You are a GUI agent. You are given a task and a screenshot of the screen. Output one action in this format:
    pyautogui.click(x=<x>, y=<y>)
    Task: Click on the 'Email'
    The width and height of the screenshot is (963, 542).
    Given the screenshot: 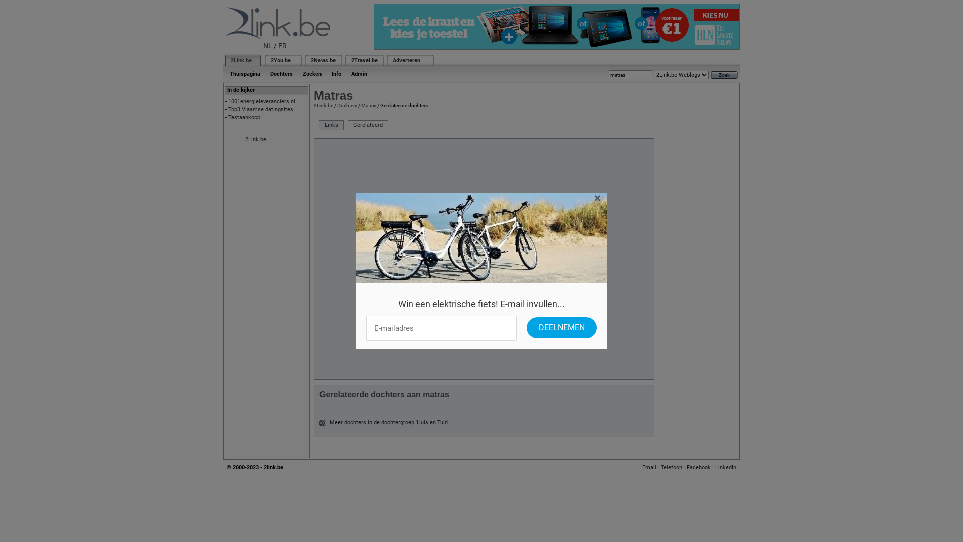 What is the action you would take?
    pyautogui.click(x=642, y=467)
    